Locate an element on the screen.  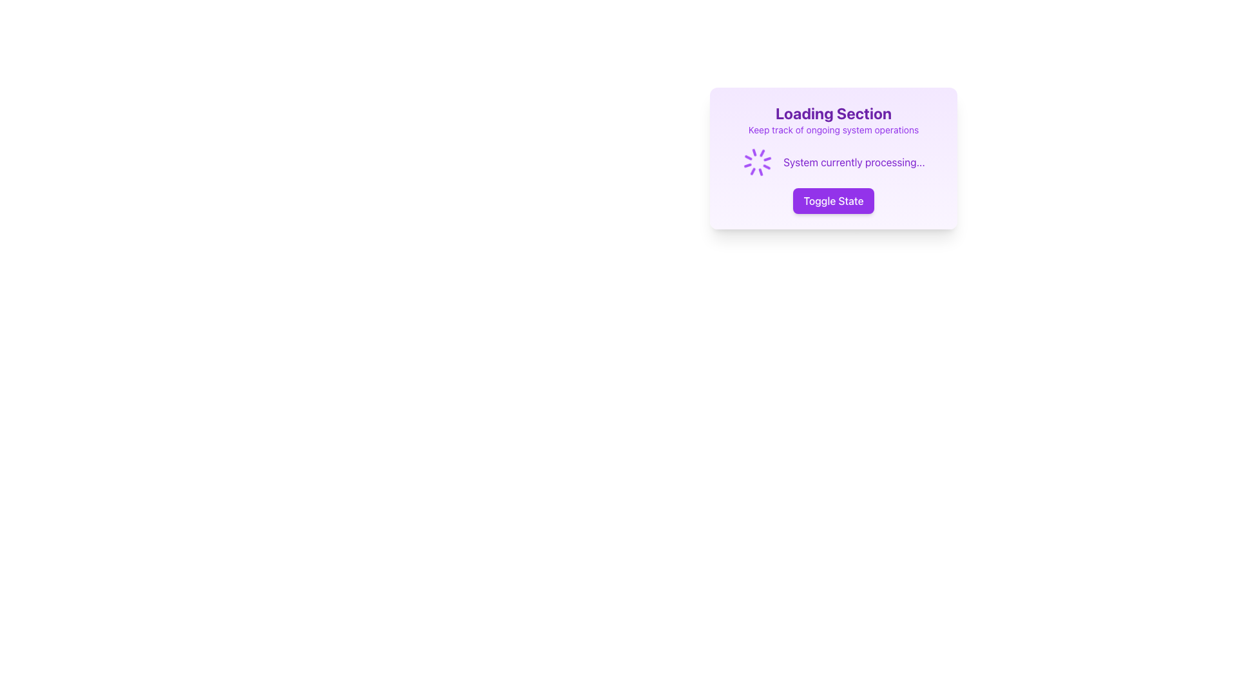
the text label that reads 'System currently processing...' is located at coordinates (834, 161).